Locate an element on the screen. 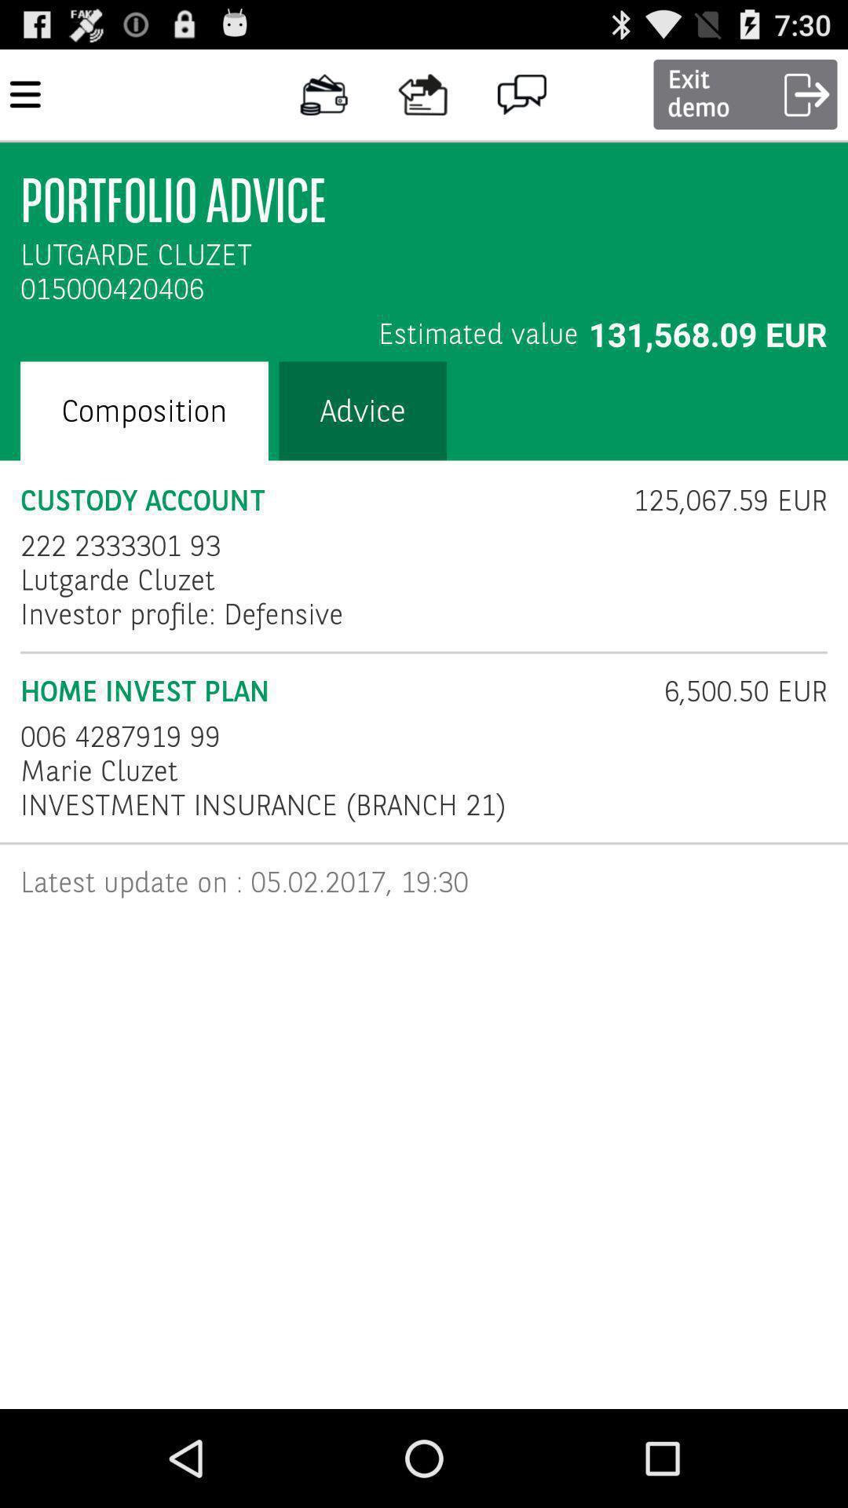 Image resolution: width=848 pixels, height=1508 pixels. the marie cluzet item is located at coordinates (99, 770).